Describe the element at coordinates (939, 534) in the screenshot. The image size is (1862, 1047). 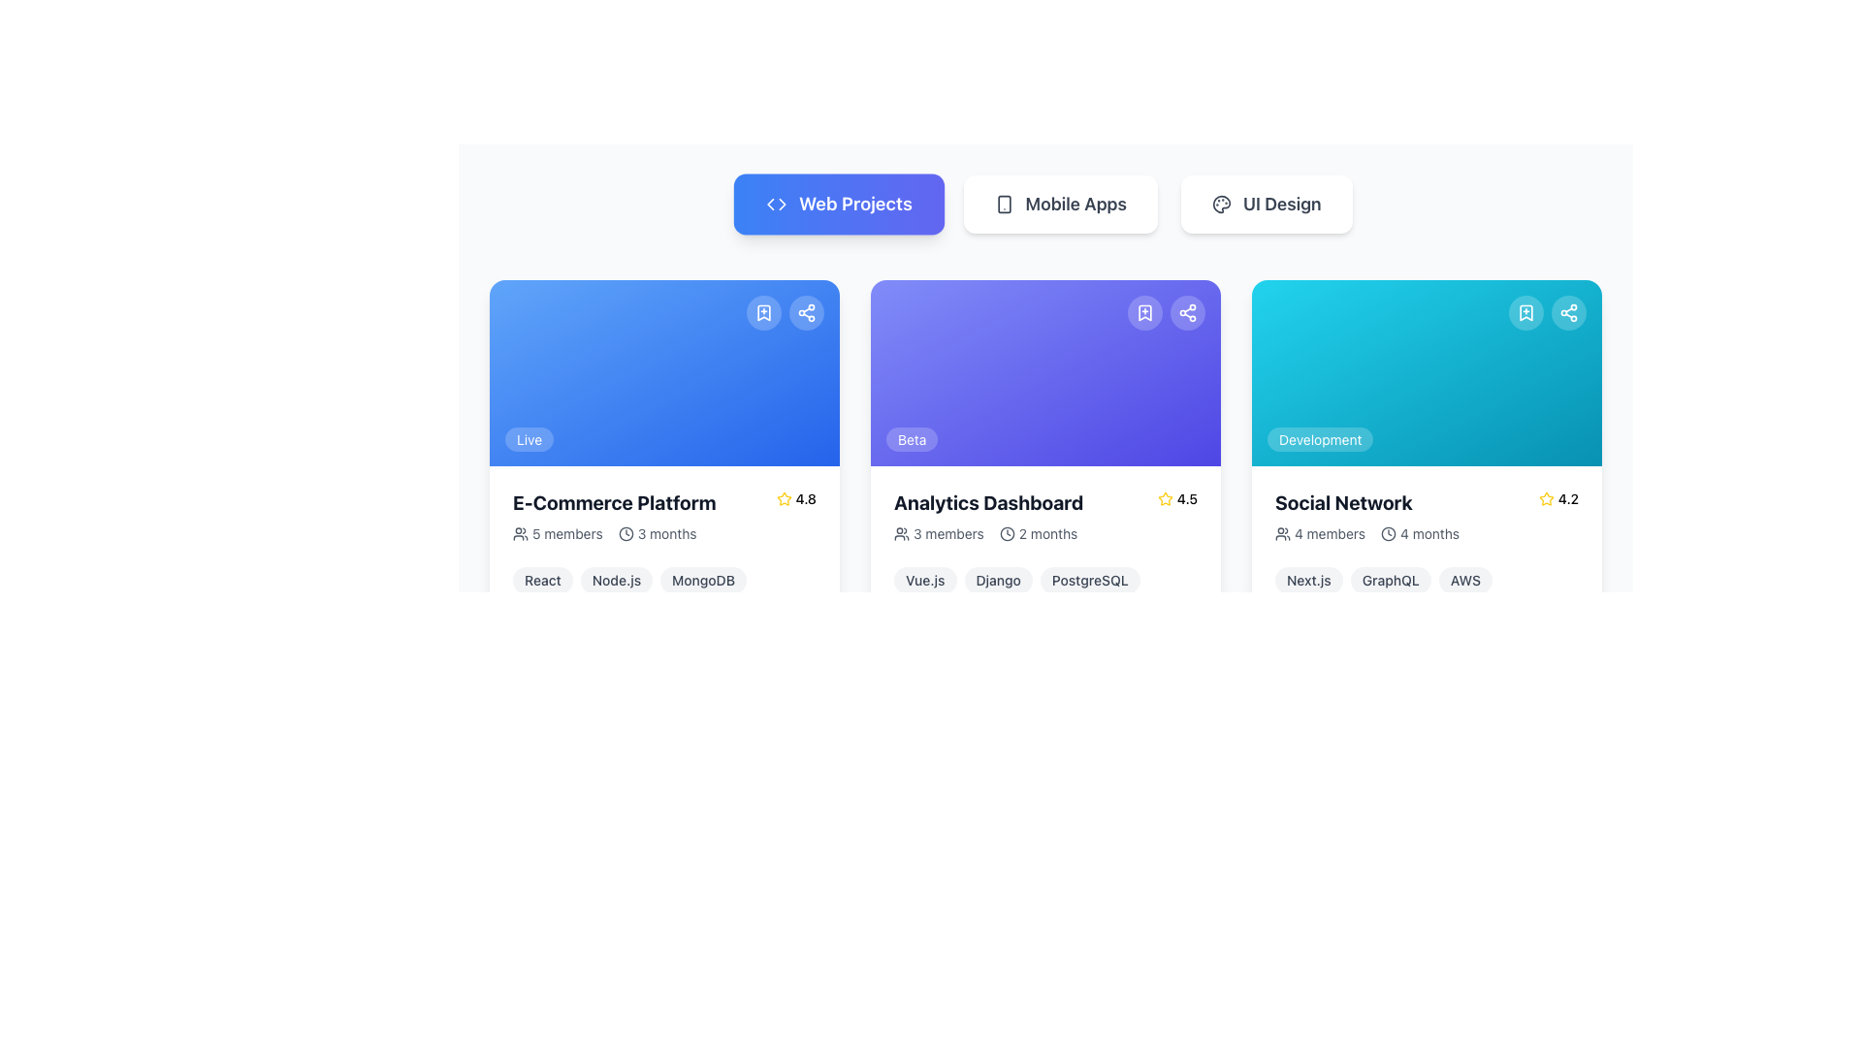
I see `the text phrase '3 members' accompanied by the group icon, located on the left side of the '2 months' text in the Analytics Dashboard of the Web Projects section` at that location.